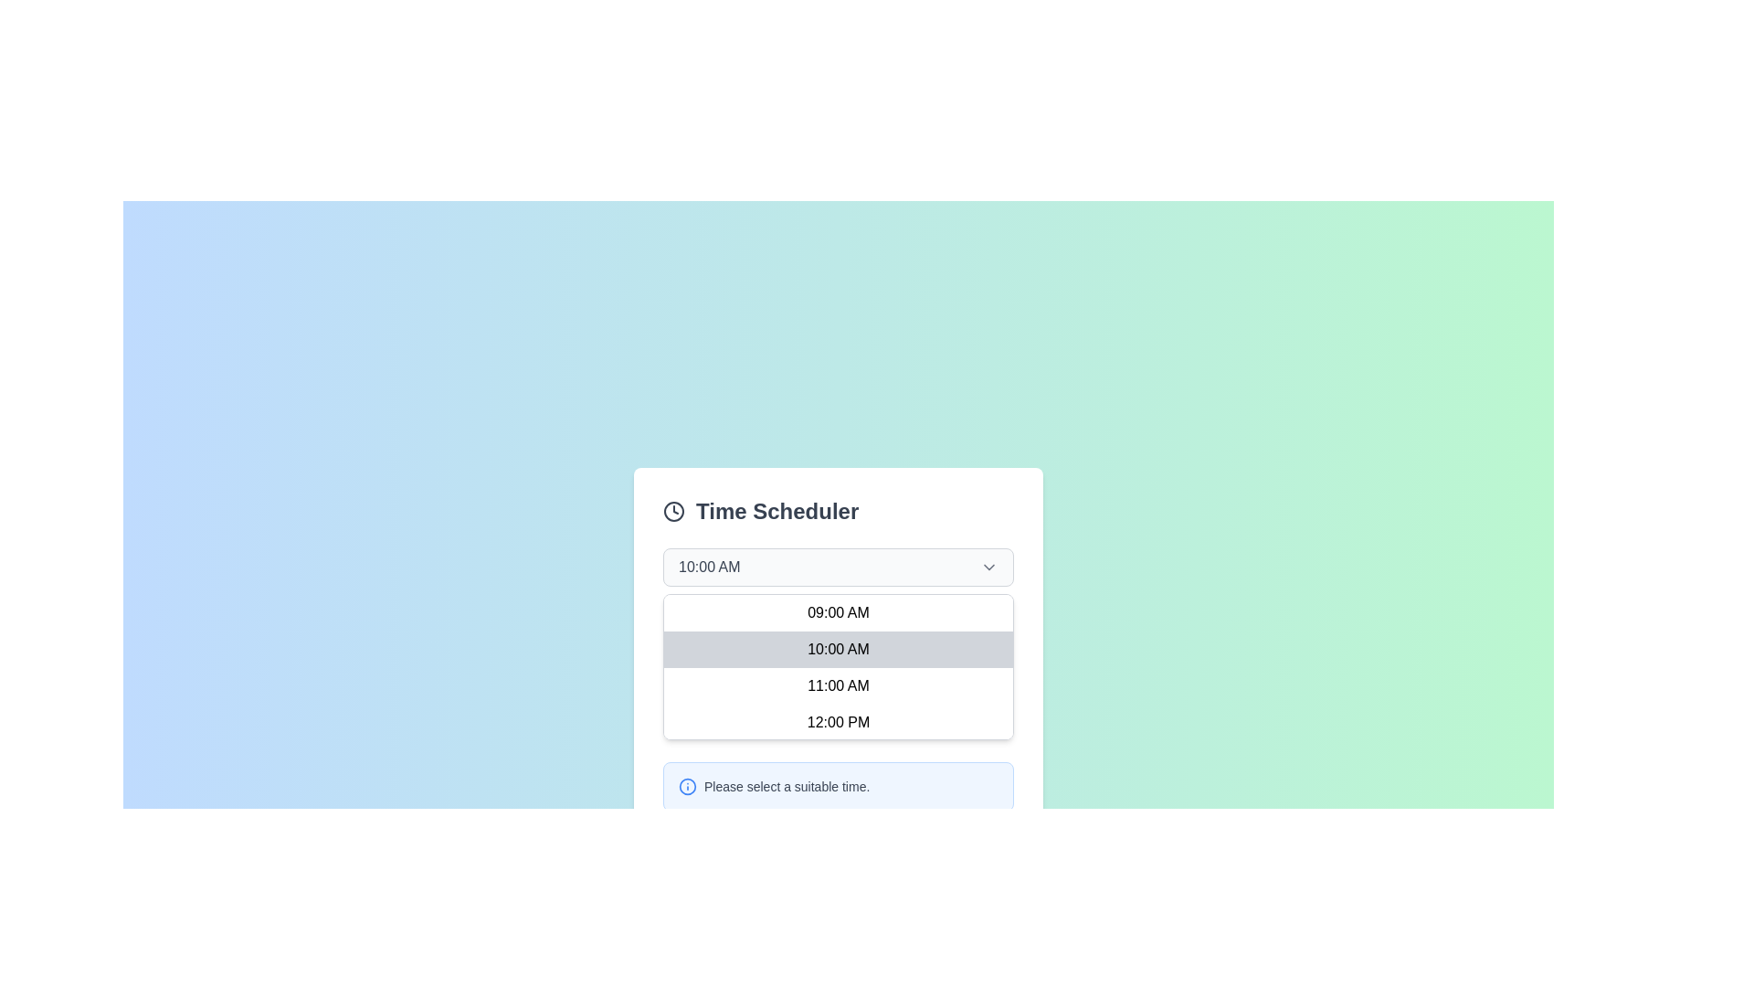 The width and height of the screenshot is (1754, 987). Describe the element at coordinates (837, 613) in the screenshot. I see `the '09:00 AM' option in the time scheduler dropdown menu` at that location.